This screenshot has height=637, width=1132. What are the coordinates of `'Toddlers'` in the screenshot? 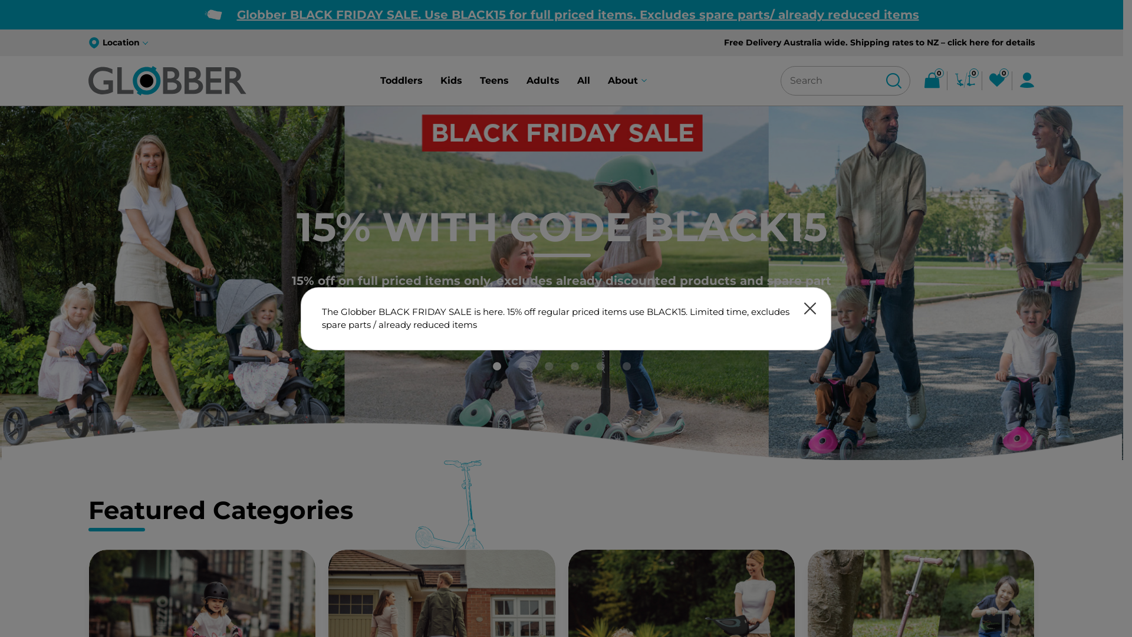 It's located at (402, 80).